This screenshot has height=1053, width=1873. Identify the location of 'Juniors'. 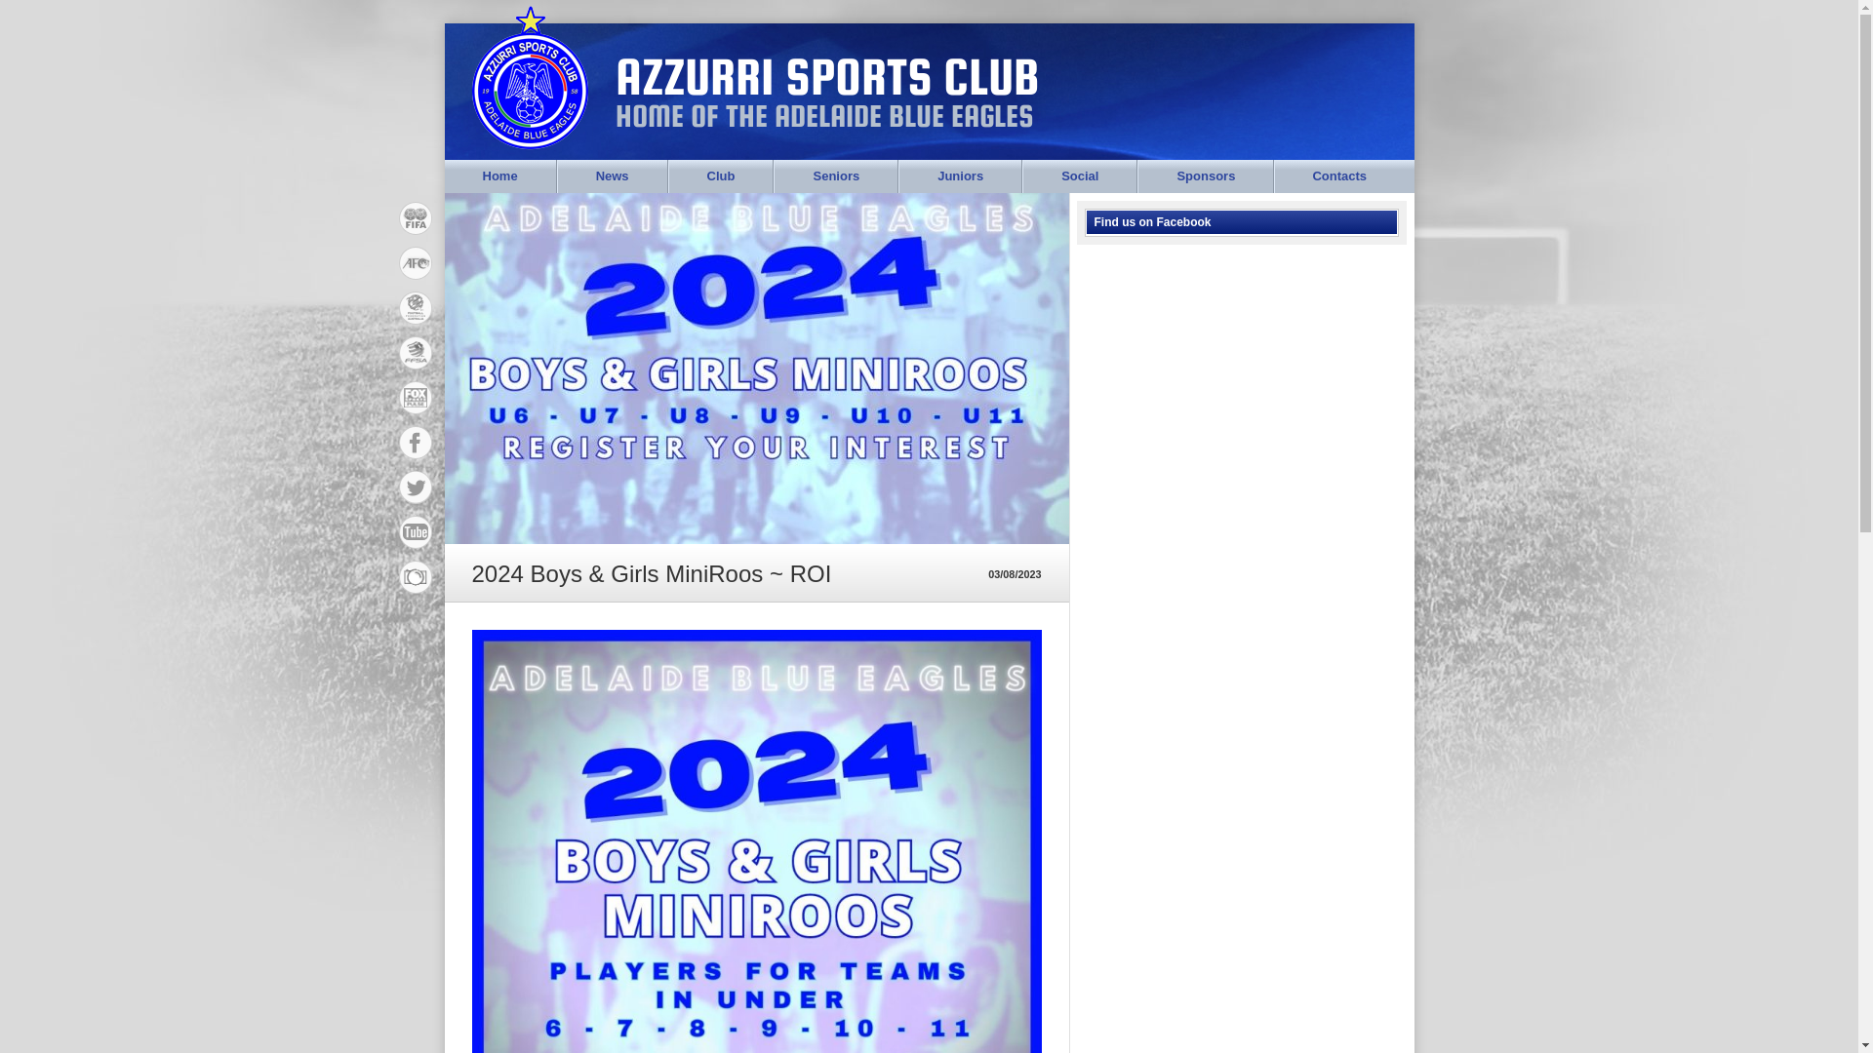
(897, 176).